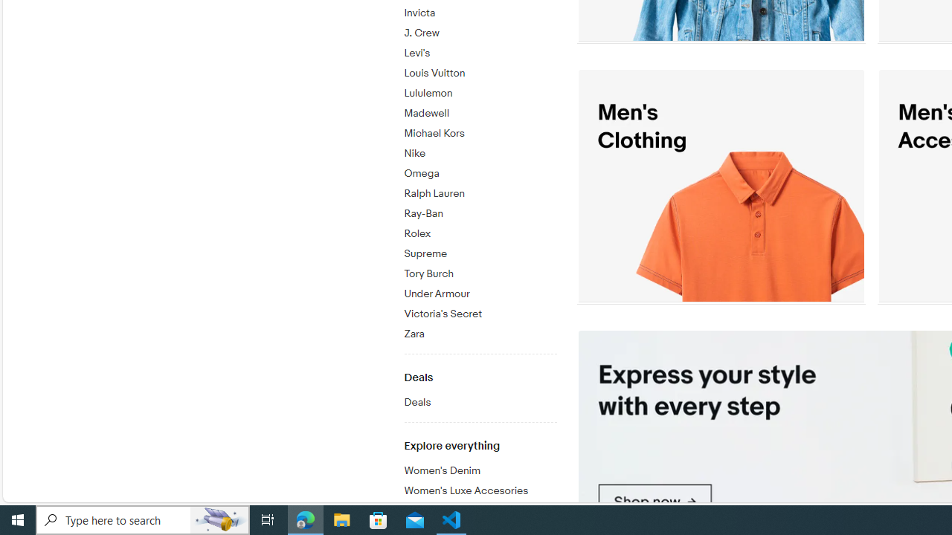 The image size is (952, 535). I want to click on 'Nike', so click(480, 151).